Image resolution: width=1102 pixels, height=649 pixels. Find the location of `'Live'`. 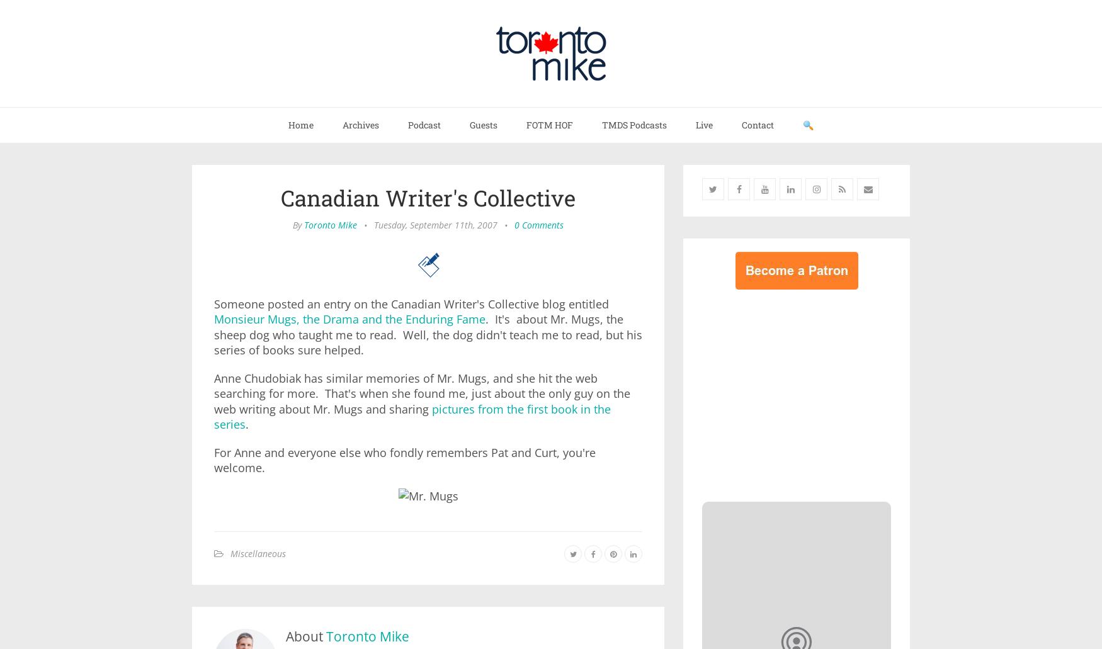

'Live' is located at coordinates (704, 124).